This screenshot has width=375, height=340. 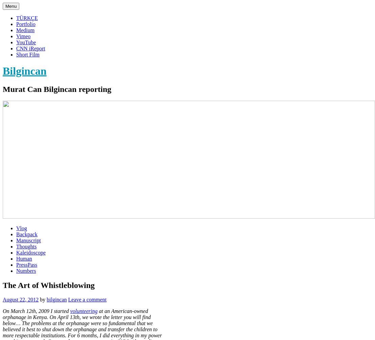 I want to click on 'Numbers', so click(x=26, y=270).